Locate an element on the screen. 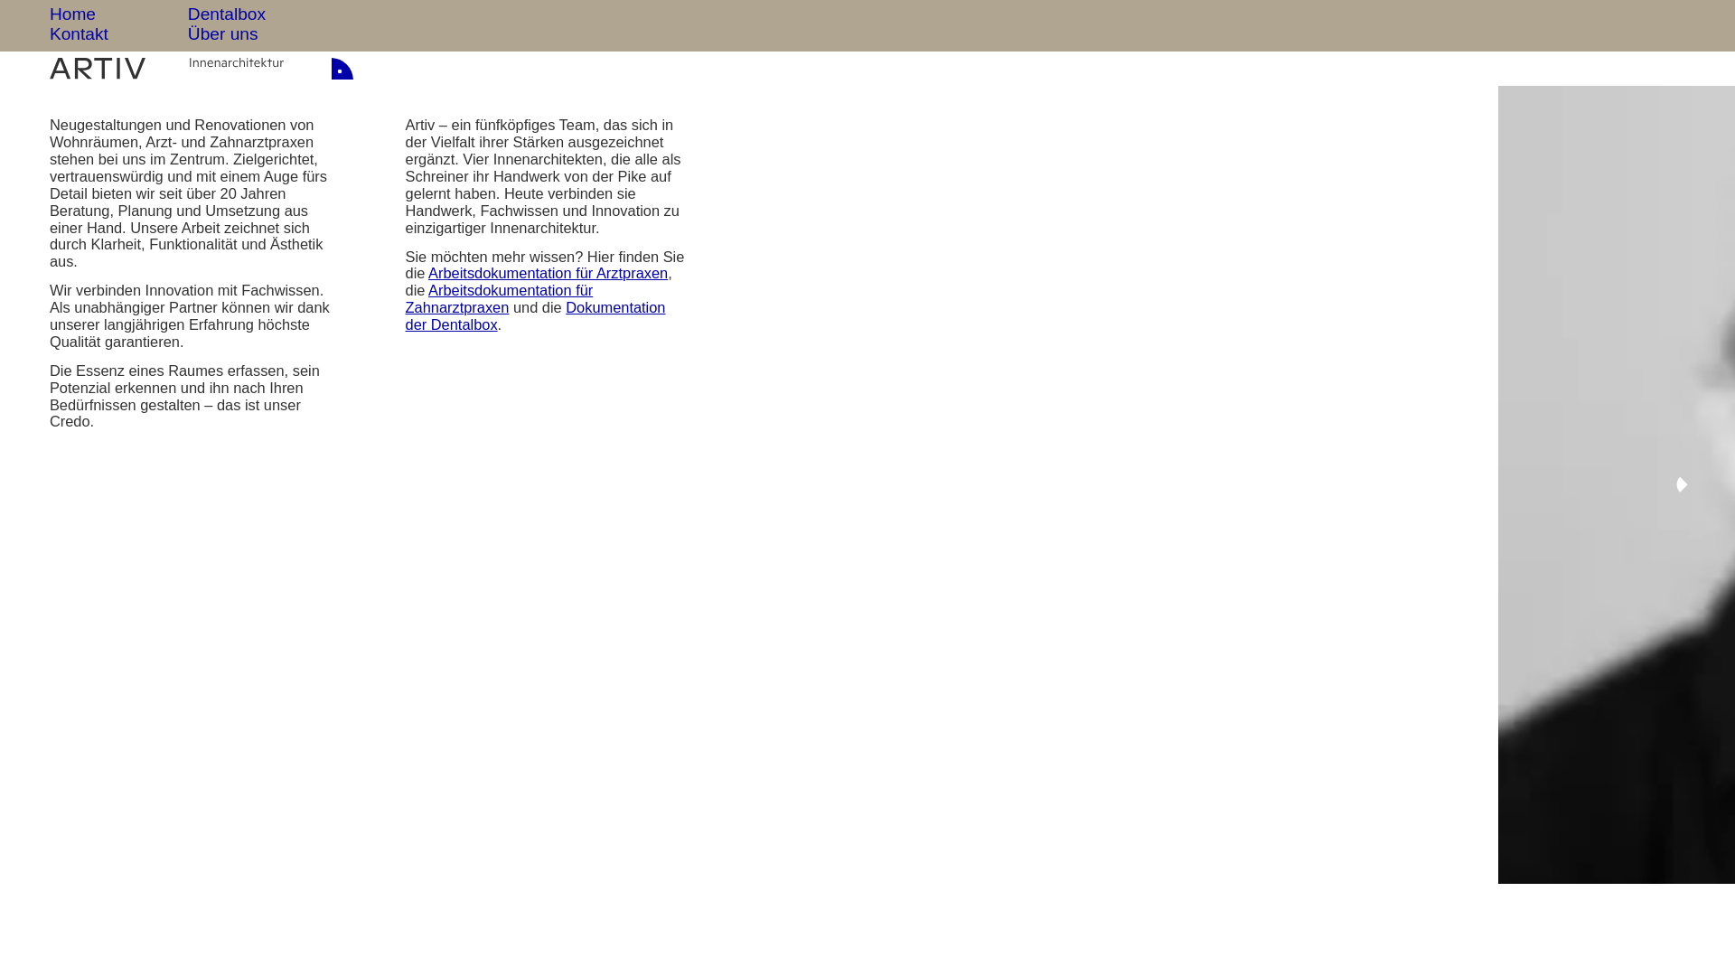 Image resolution: width=1735 pixels, height=976 pixels. 'Kontakt' is located at coordinates (78, 33).